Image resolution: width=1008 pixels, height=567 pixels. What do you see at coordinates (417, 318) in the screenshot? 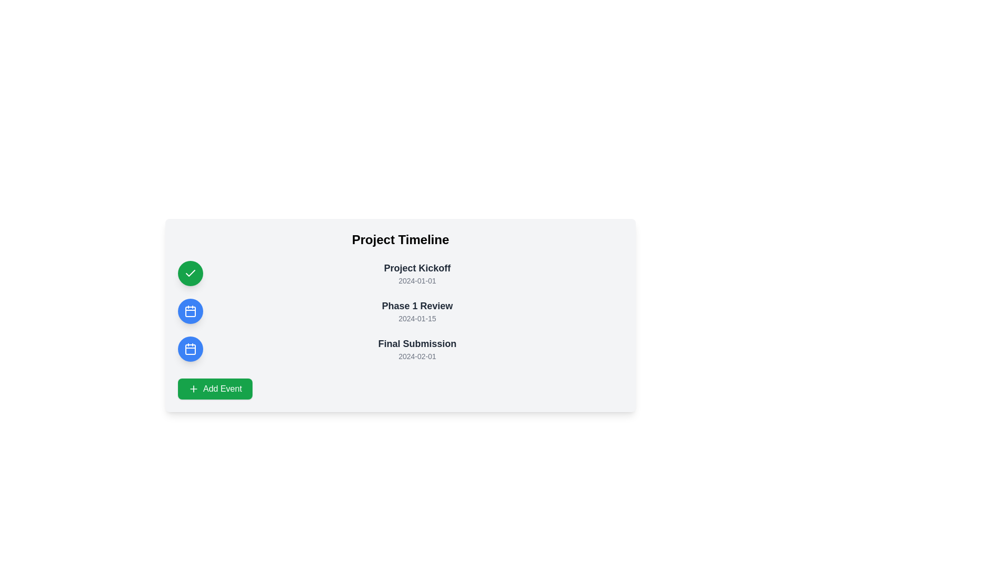
I see `the date label '2024-01-15' displayed in a small, gray-colored font located in the 'Phase 1 Review' section under the 'Project Timeline' interface` at bounding box center [417, 318].